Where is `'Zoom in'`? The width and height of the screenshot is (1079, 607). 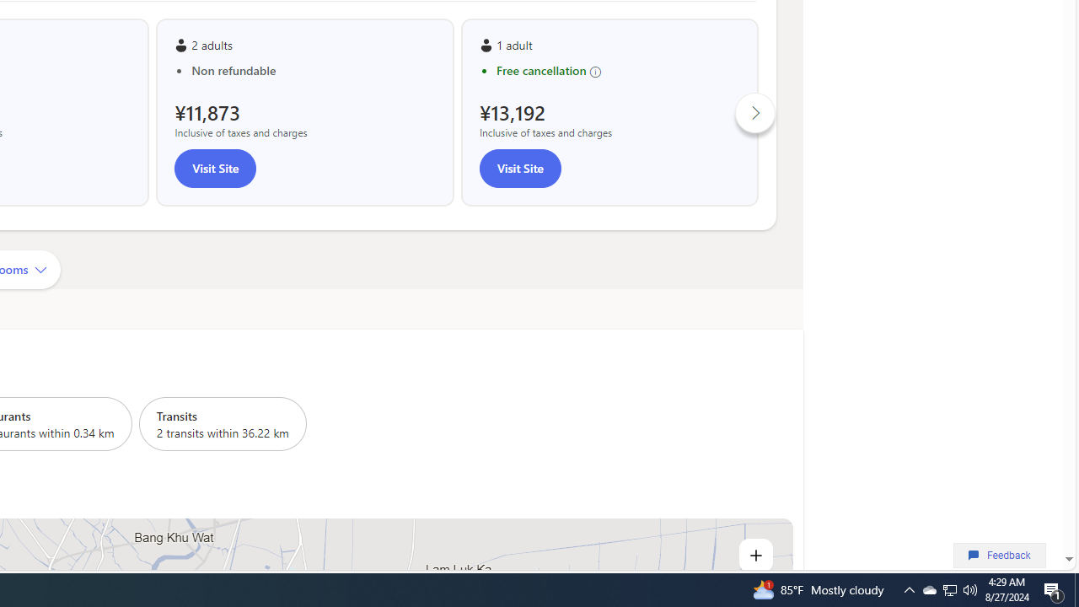
'Zoom in' is located at coordinates (754, 556).